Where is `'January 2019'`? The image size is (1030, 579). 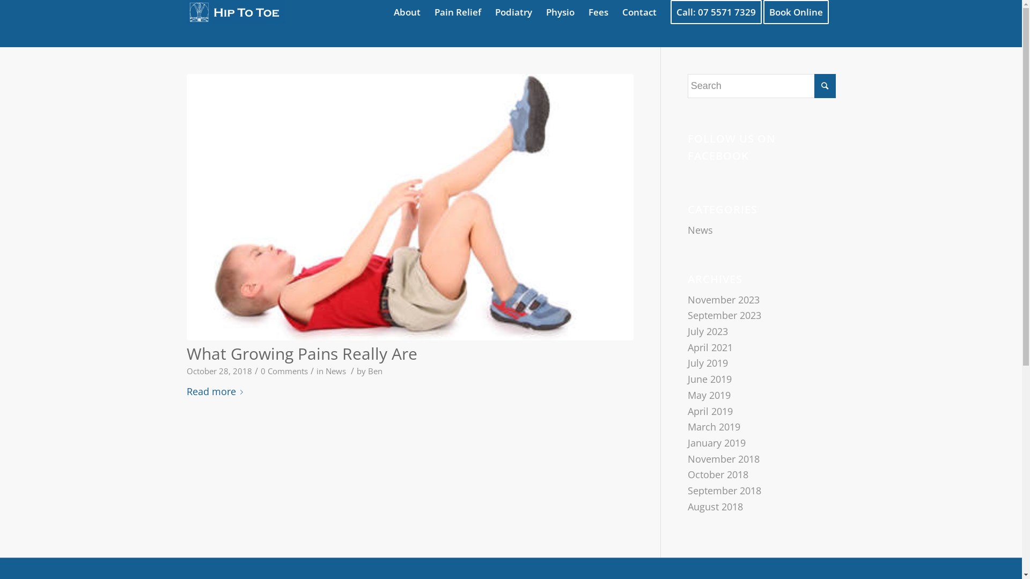
'January 2019' is located at coordinates (687, 442).